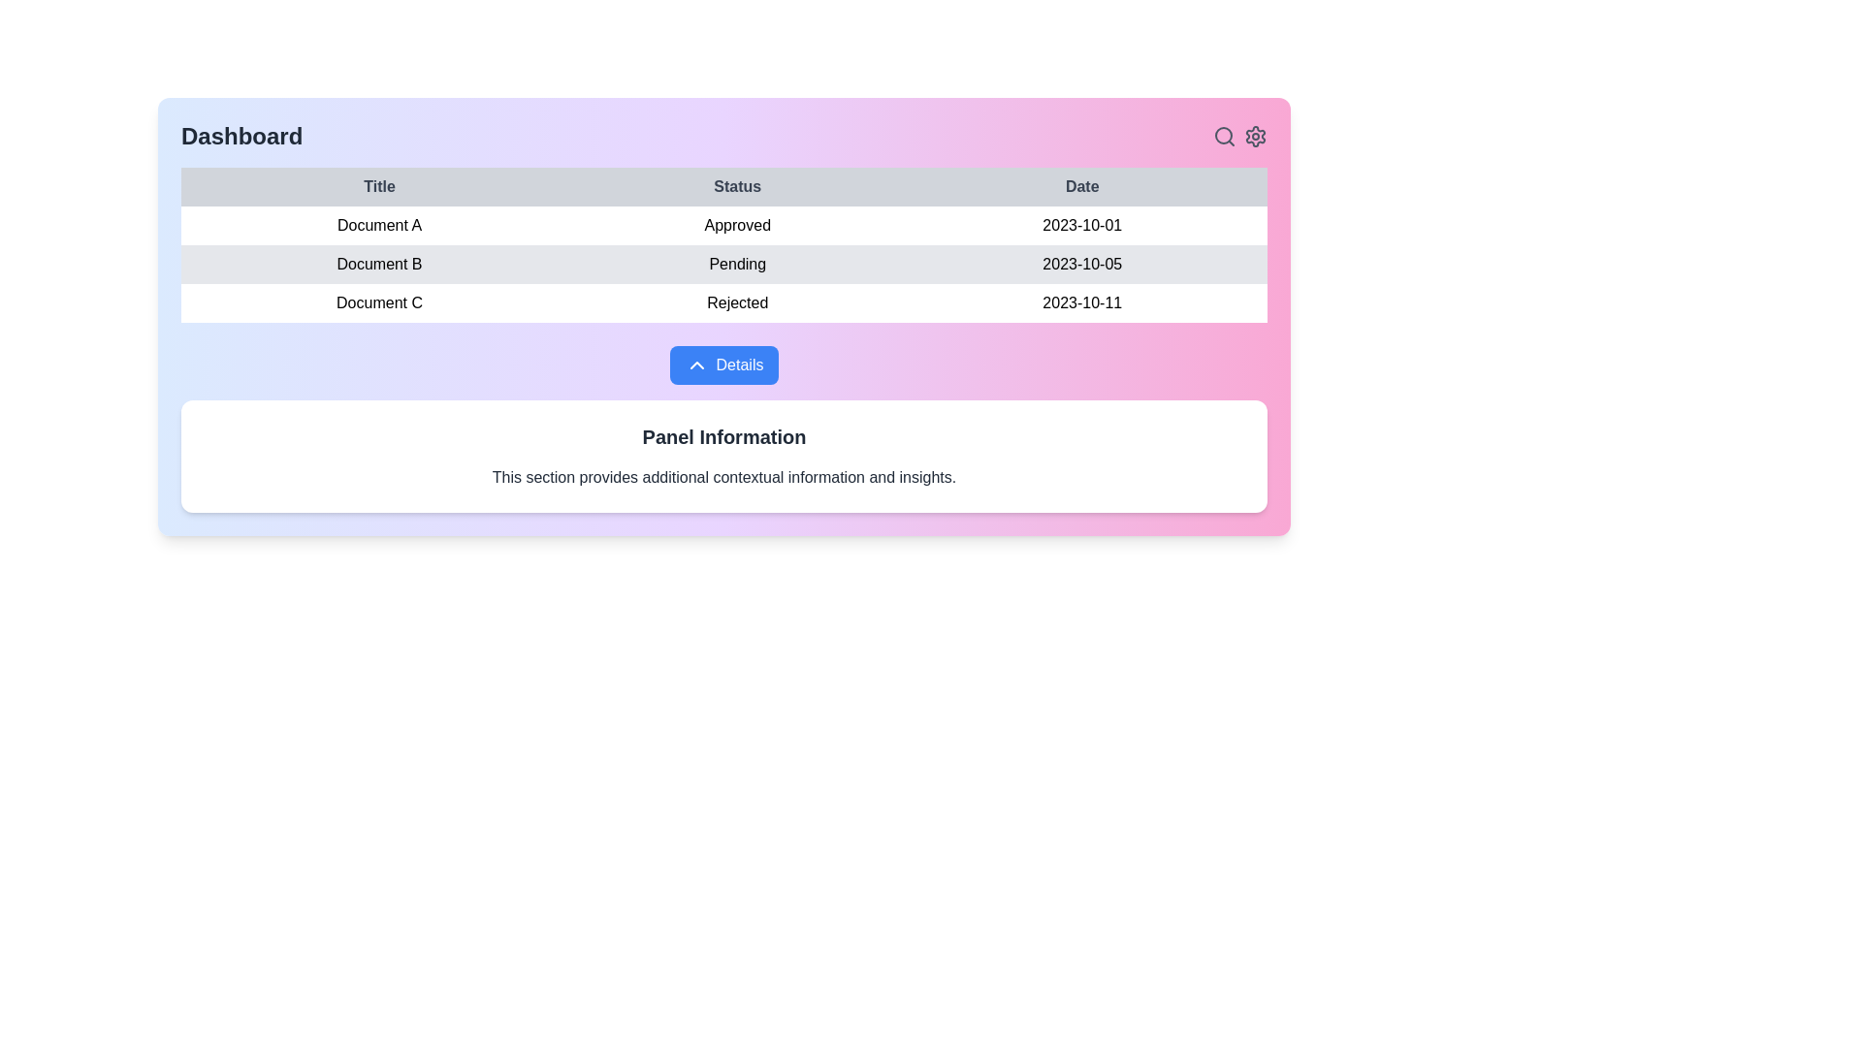  What do you see at coordinates (723, 265) in the screenshot?
I see `on the second row of the table containing the text blocks 'Document B', 'Pending', and '2023-10-05'` at bounding box center [723, 265].